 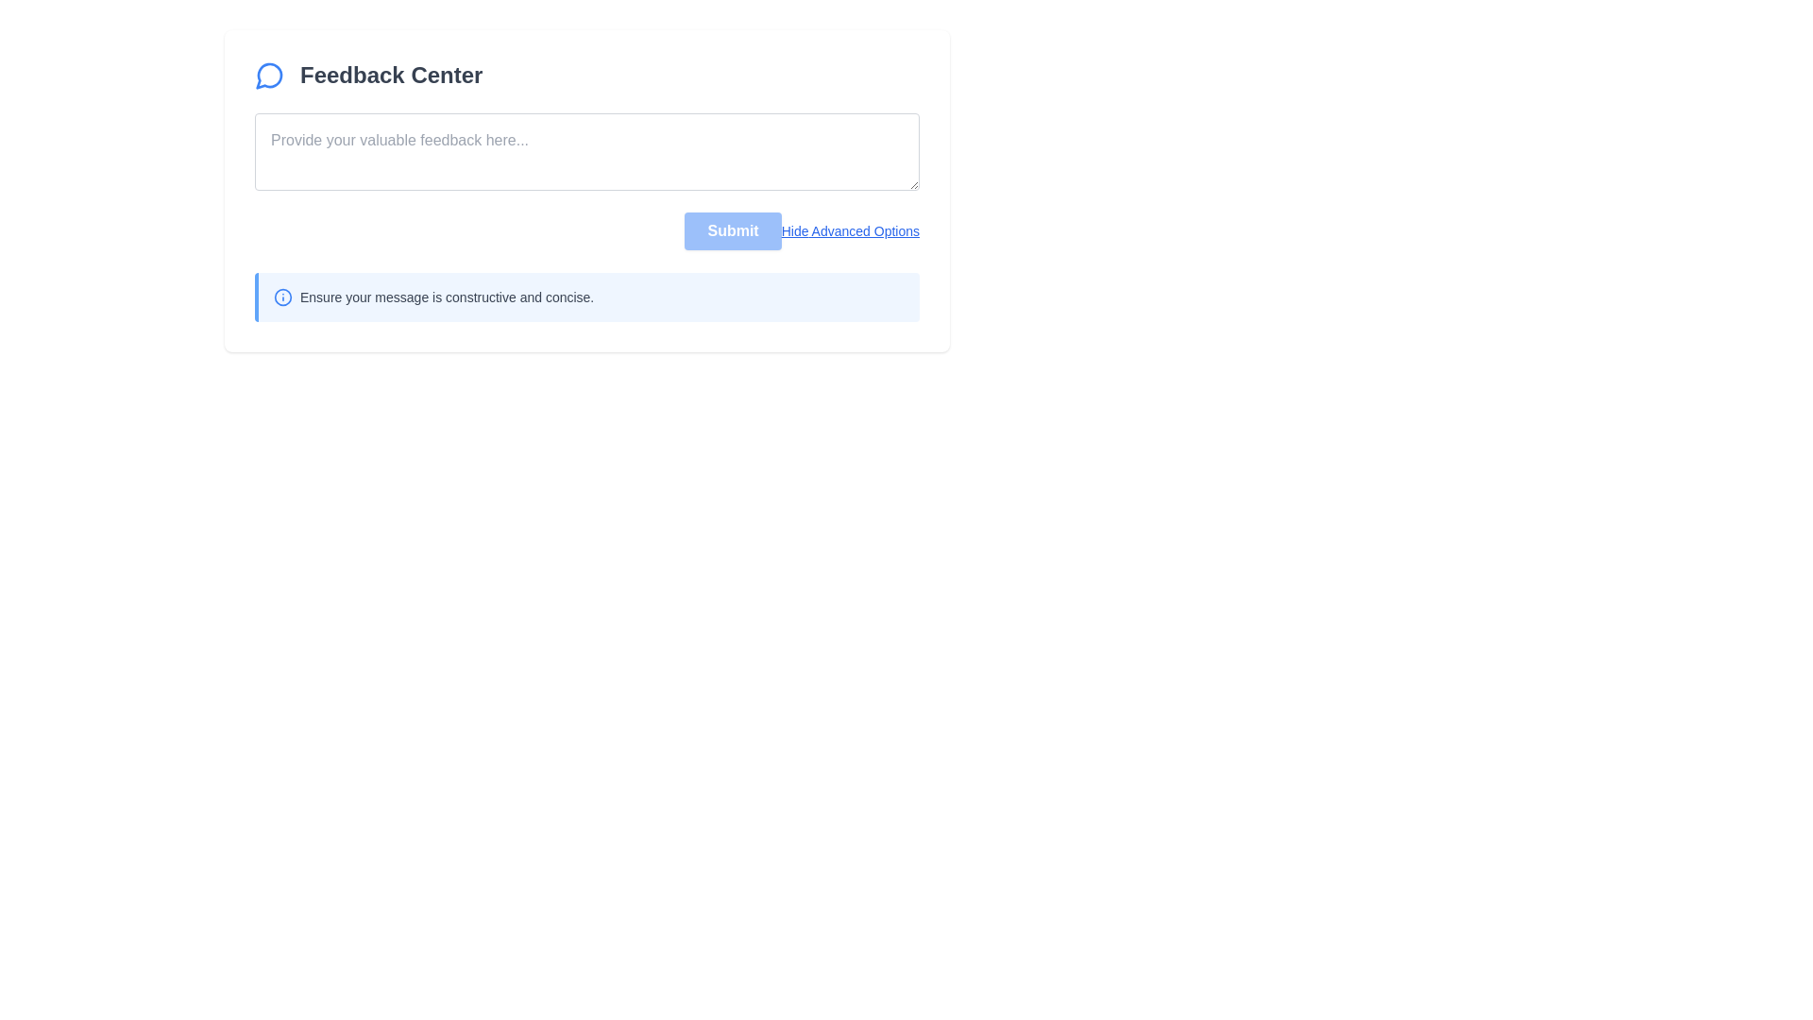 I want to click on the blue speech bubble icon representing conversation or messaging, located near the 'Feedback Center' header, so click(x=268, y=75).